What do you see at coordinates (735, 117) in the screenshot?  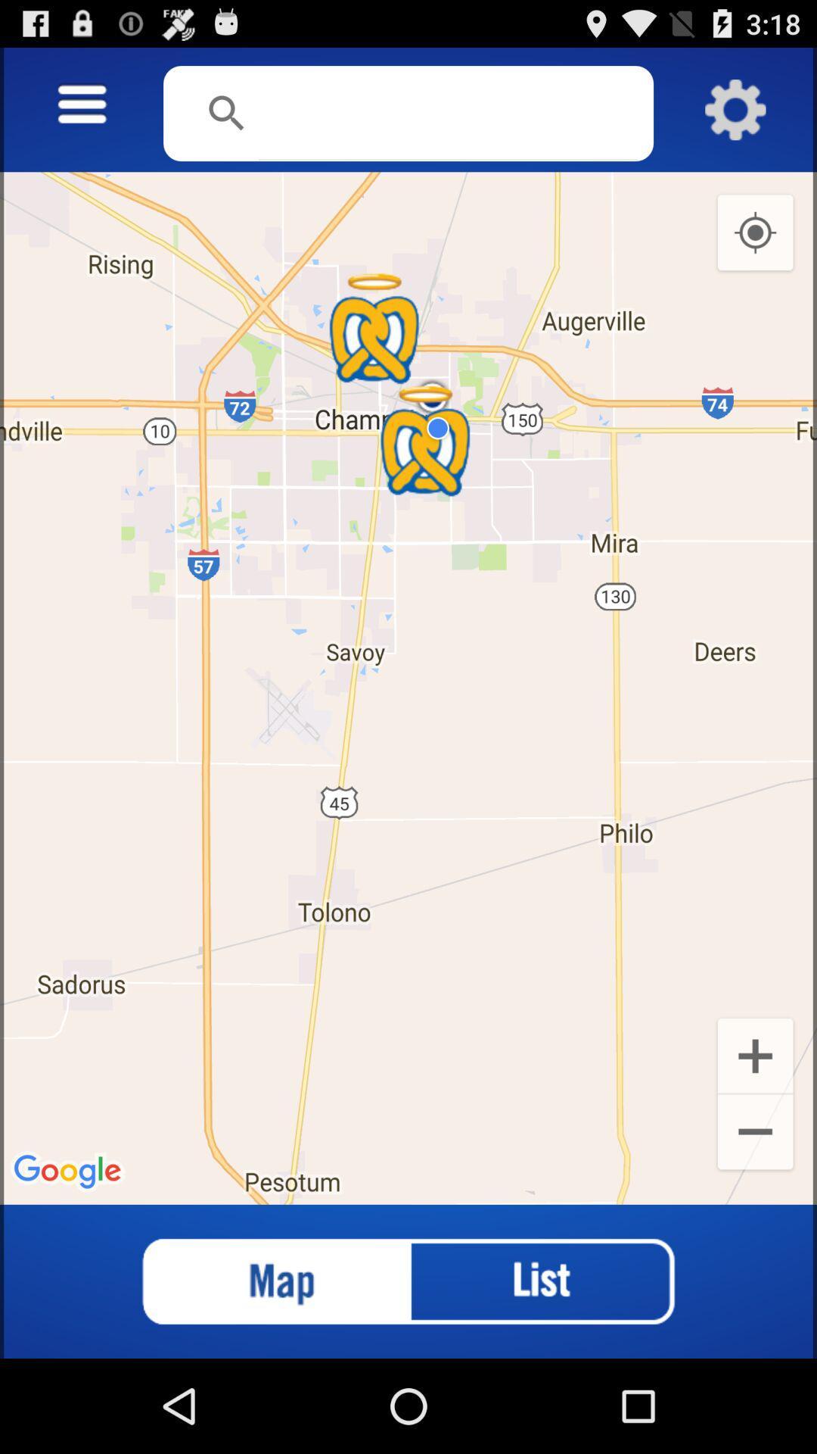 I see `the settings icon` at bounding box center [735, 117].